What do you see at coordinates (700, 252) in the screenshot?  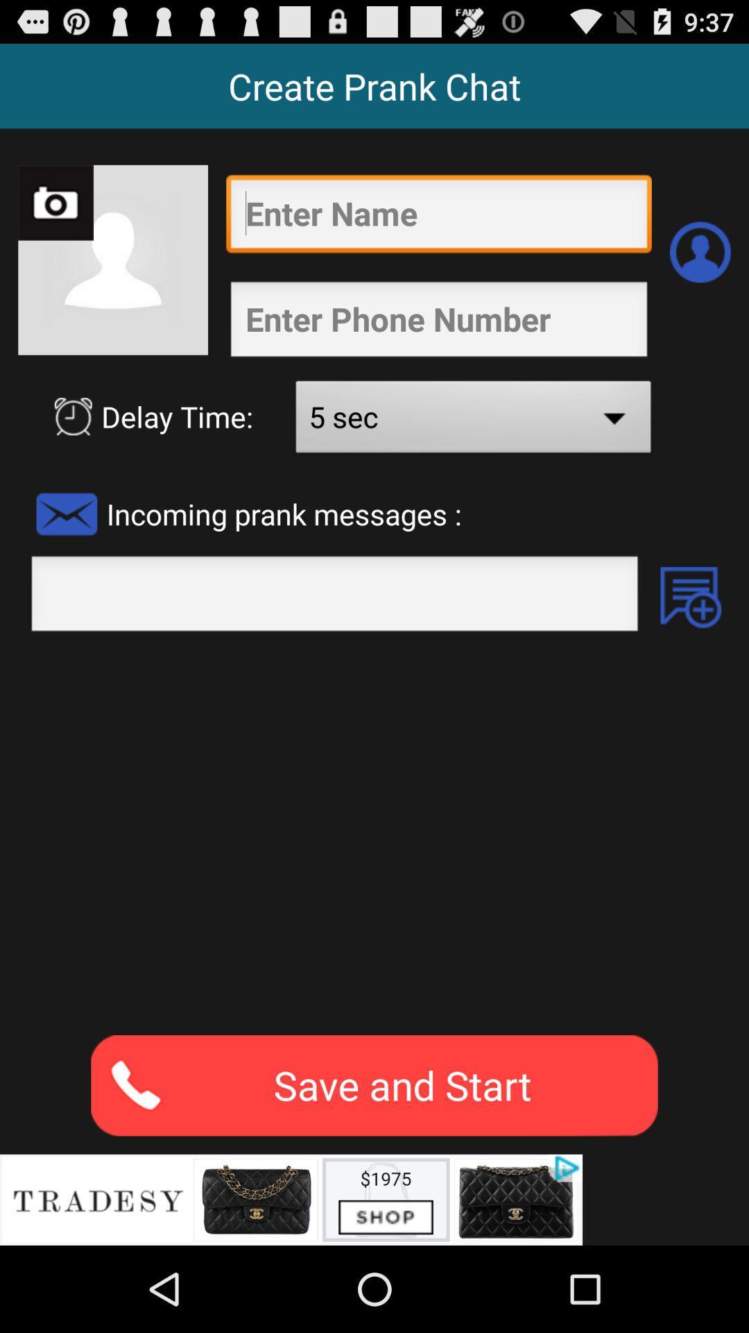 I see `contact` at bounding box center [700, 252].